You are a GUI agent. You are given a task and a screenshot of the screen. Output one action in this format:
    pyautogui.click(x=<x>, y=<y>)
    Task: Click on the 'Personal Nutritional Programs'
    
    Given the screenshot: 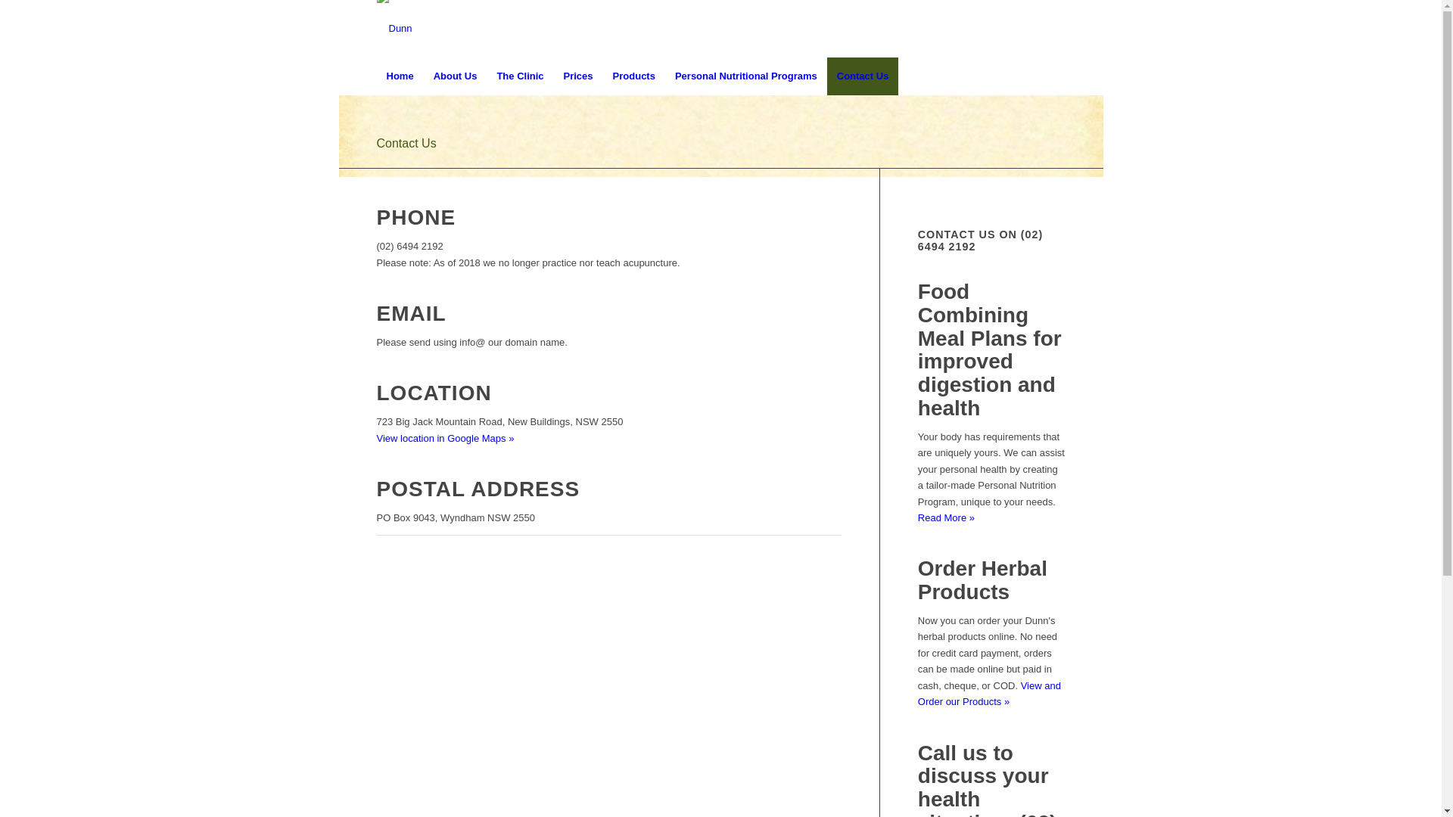 What is the action you would take?
    pyautogui.click(x=745, y=76)
    